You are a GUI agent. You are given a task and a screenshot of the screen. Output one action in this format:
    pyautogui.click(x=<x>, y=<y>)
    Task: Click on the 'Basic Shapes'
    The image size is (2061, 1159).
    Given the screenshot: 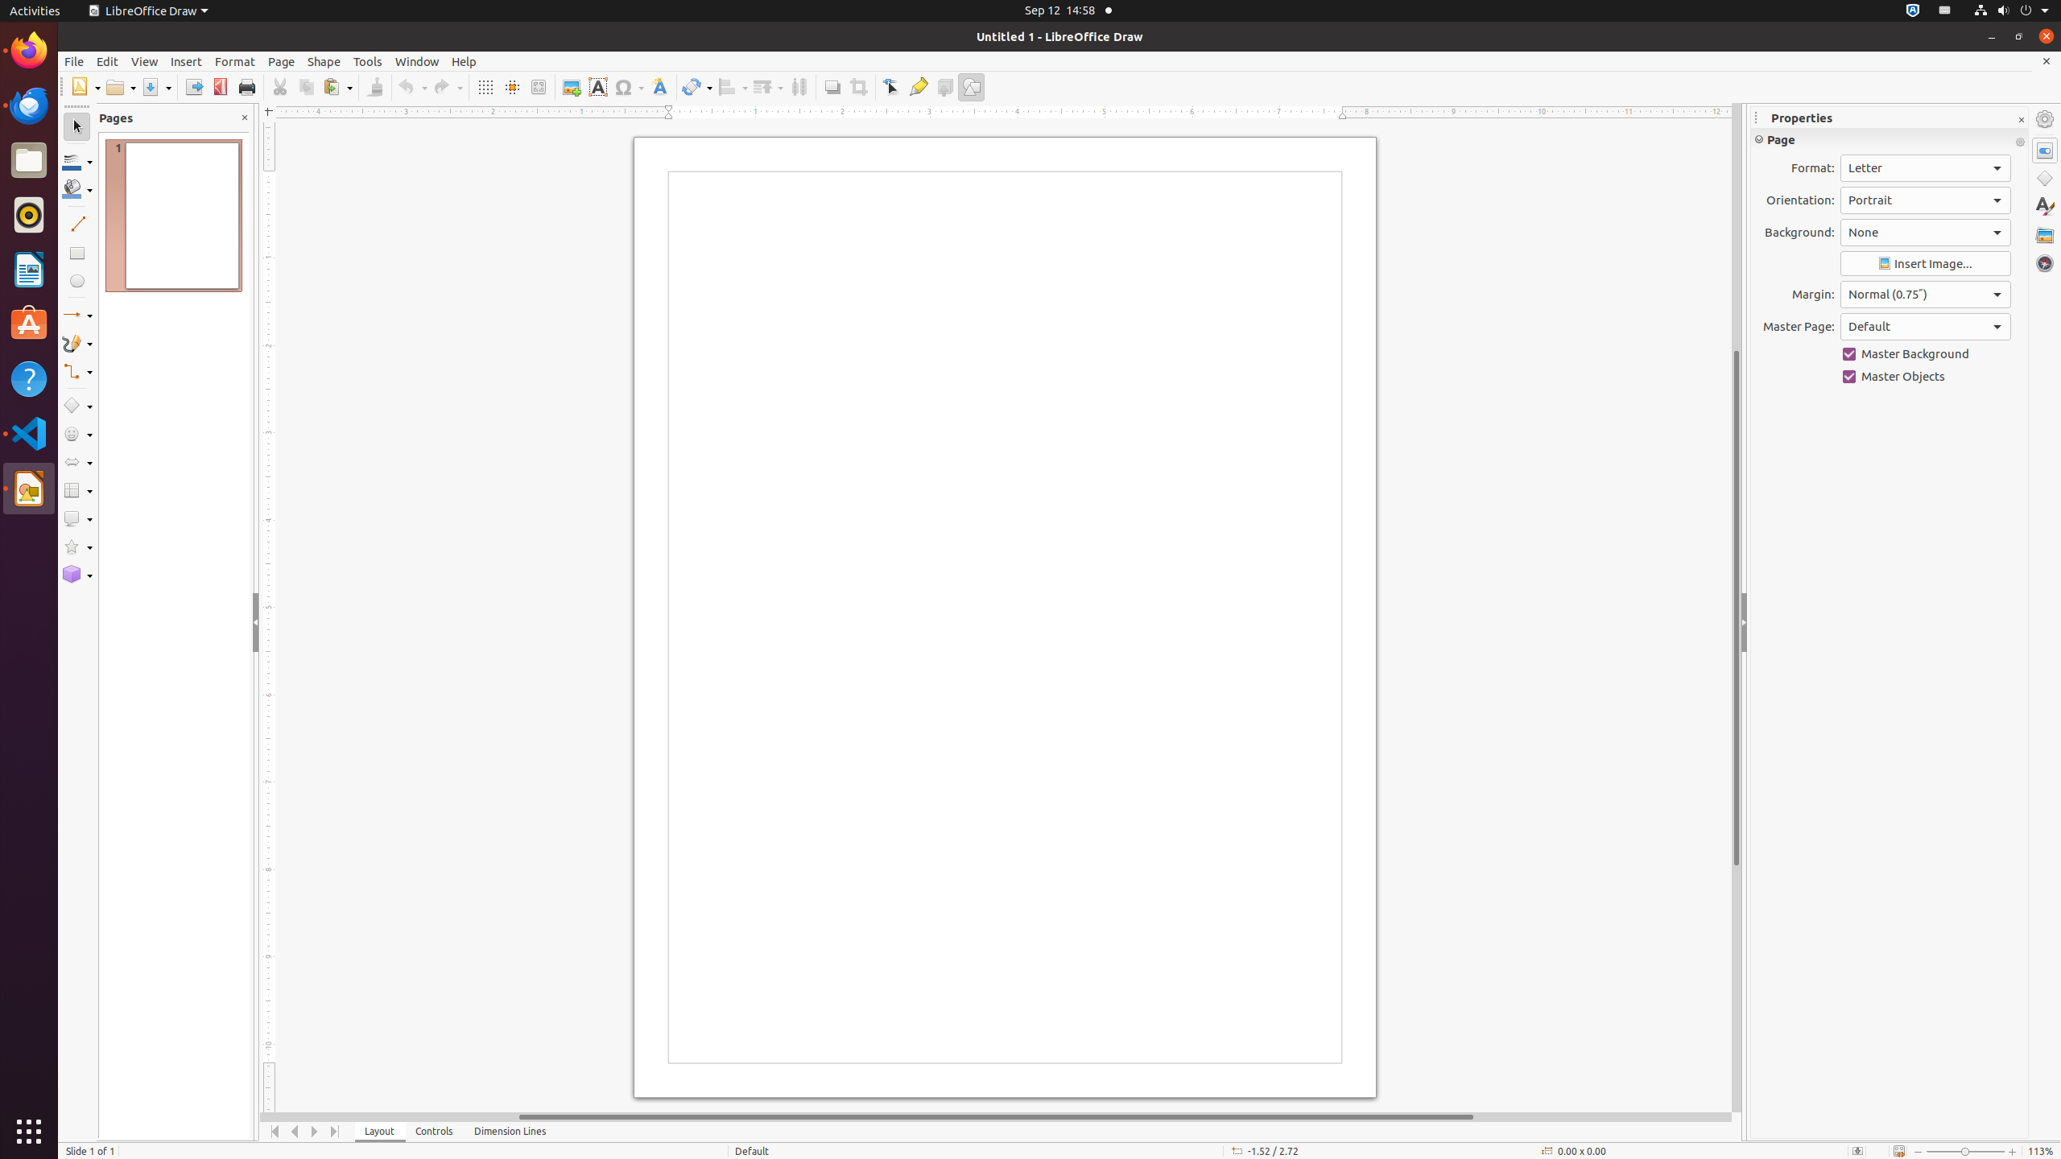 What is the action you would take?
    pyautogui.click(x=76, y=405)
    